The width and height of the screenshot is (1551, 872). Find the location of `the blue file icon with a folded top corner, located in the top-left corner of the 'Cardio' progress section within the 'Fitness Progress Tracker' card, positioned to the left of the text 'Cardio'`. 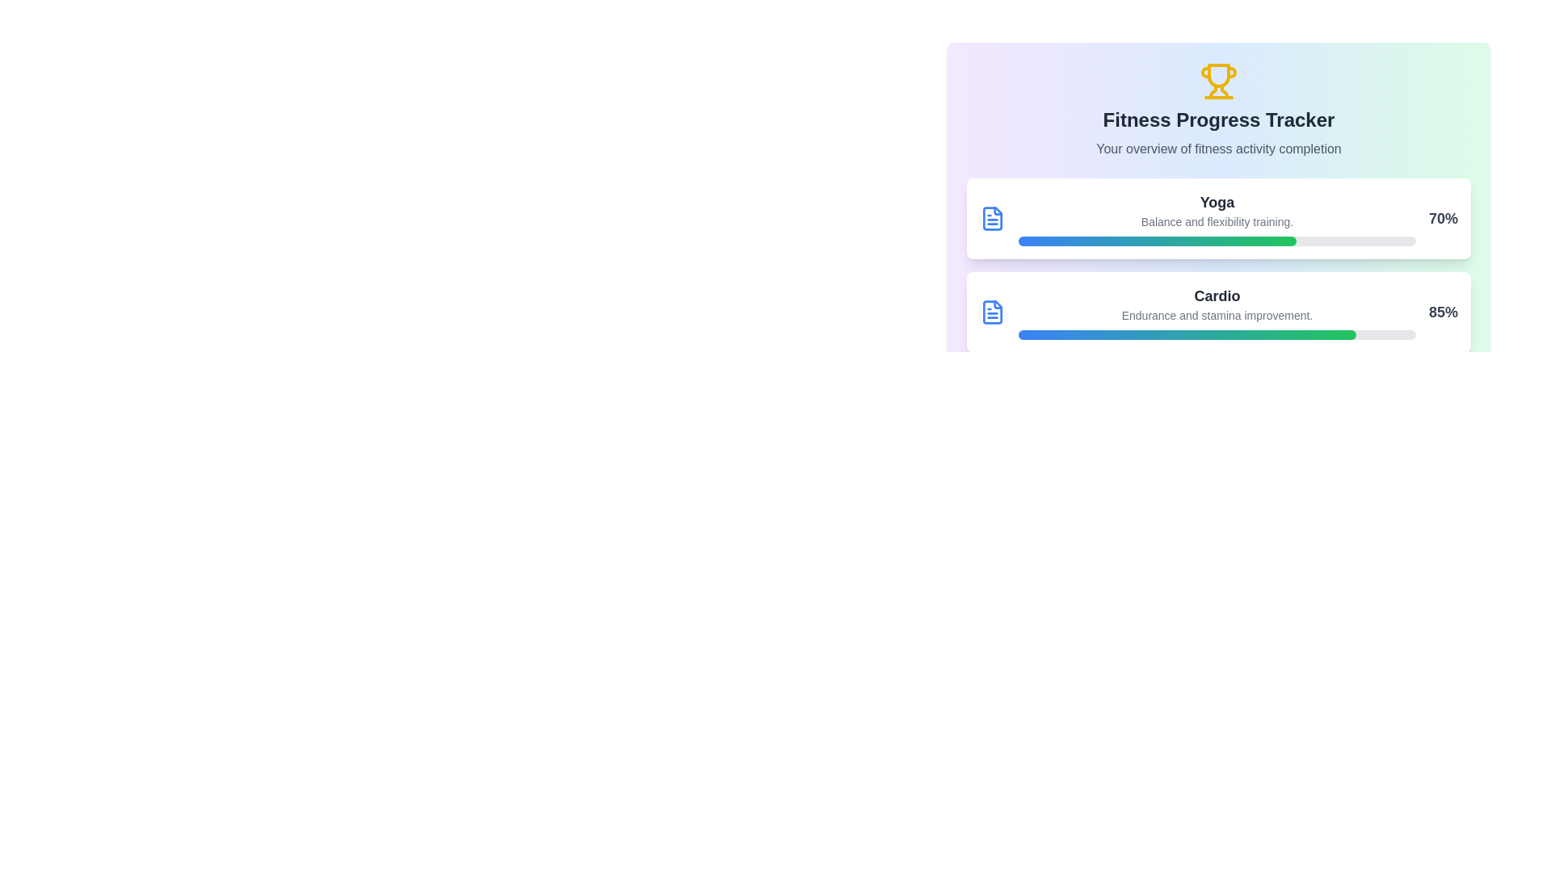

the blue file icon with a folded top corner, located in the top-left corner of the 'Cardio' progress section within the 'Fitness Progress Tracker' card, positioned to the left of the text 'Cardio' is located at coordinates (991, 312).